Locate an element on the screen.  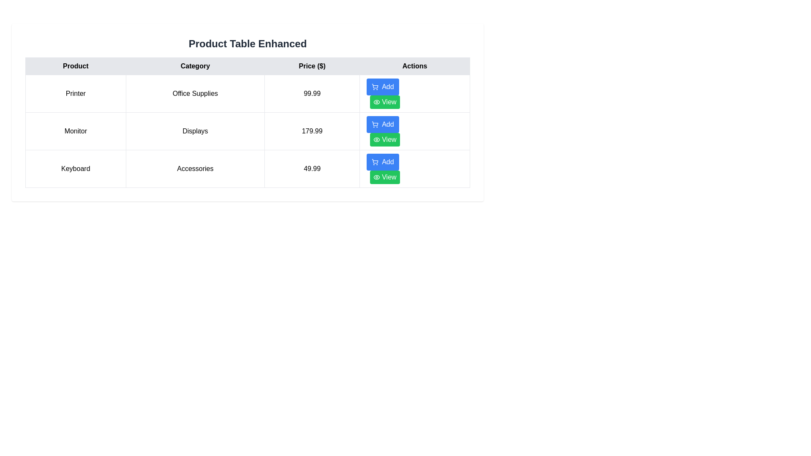
the eye-shaped icon located inside the green 'View' button in the 'Actions' column of the second row in the 'Product Table Enhanced' table is located at coordinates (376, 139).